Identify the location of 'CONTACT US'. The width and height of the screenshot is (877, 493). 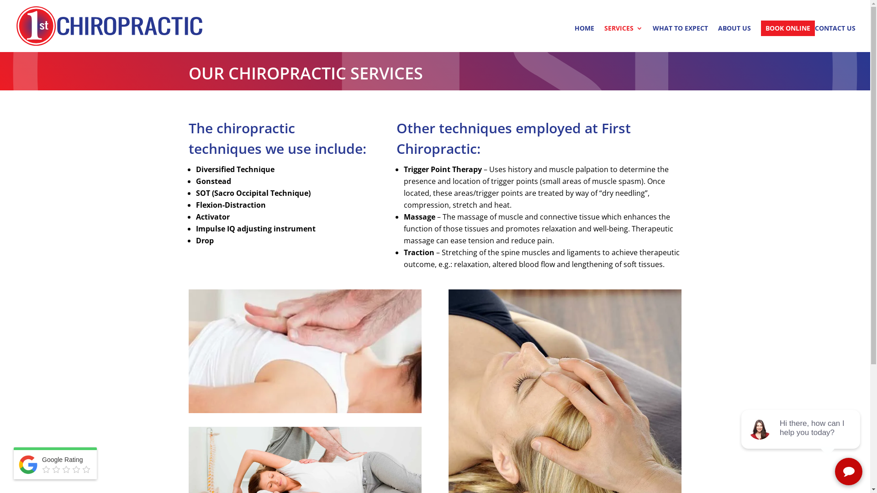
(835, 38).